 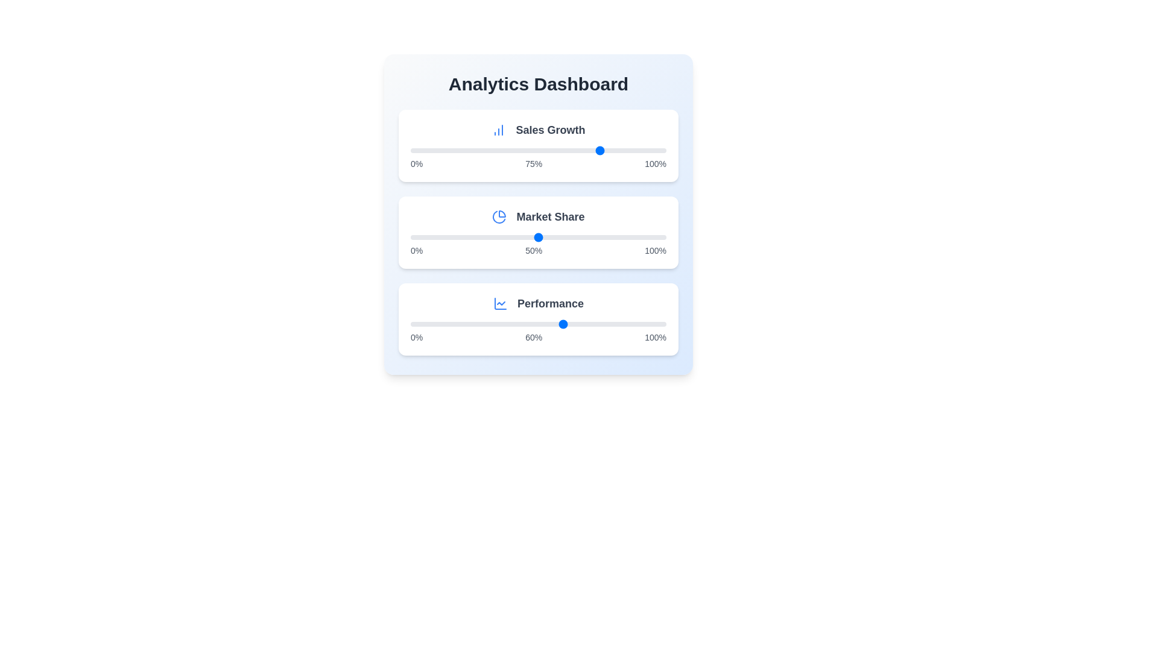 I want to click on the 'Sales Growth' slider to 27%, so click(x=479, y=150).